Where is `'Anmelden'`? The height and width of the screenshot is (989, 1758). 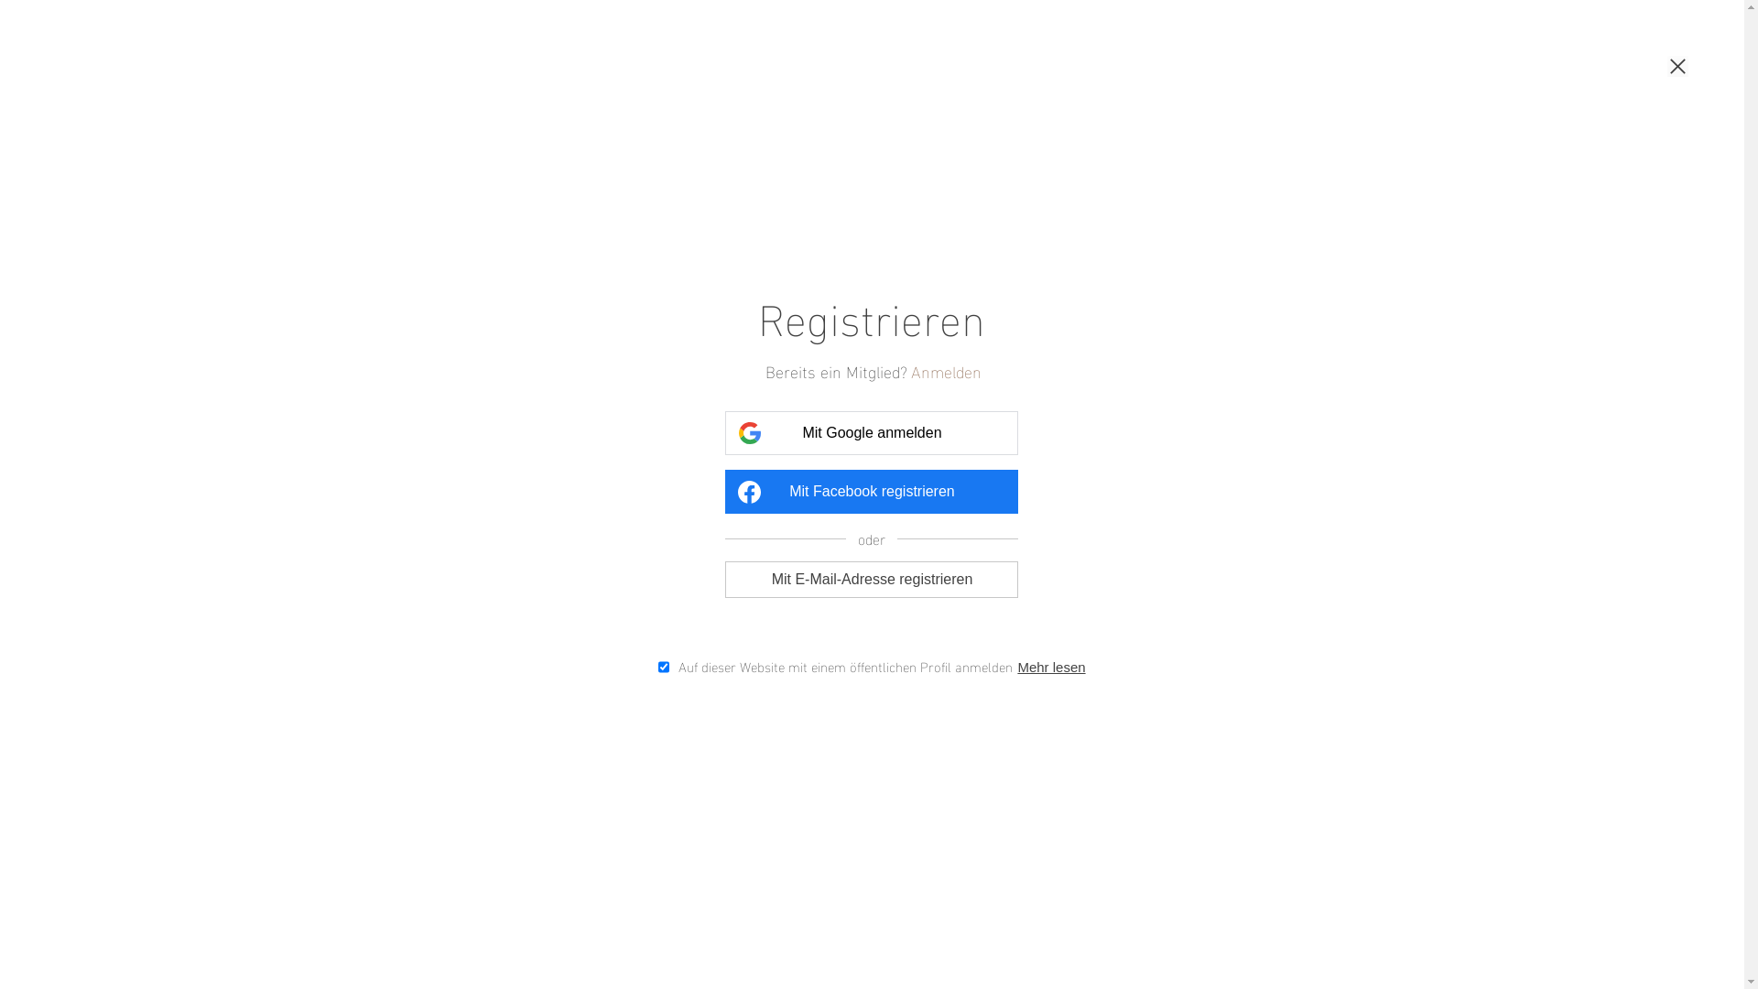
'Anmelden' is located at coordinates (950, 370).